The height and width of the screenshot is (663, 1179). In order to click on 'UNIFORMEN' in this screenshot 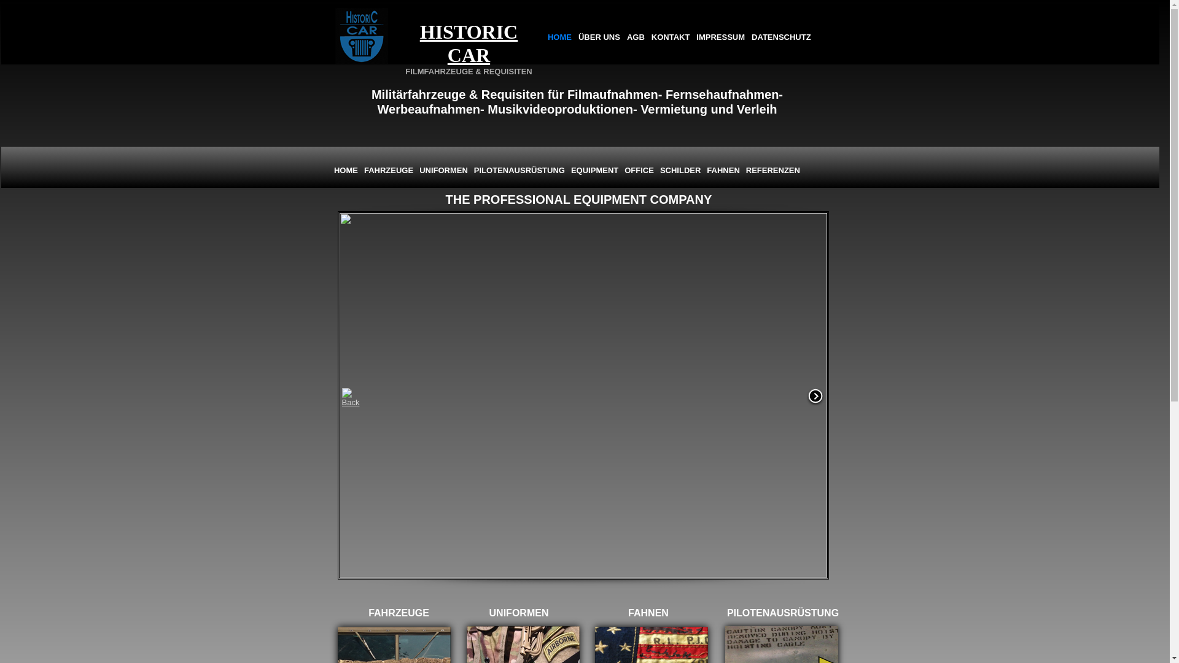, I will do `click(443, 170)`.